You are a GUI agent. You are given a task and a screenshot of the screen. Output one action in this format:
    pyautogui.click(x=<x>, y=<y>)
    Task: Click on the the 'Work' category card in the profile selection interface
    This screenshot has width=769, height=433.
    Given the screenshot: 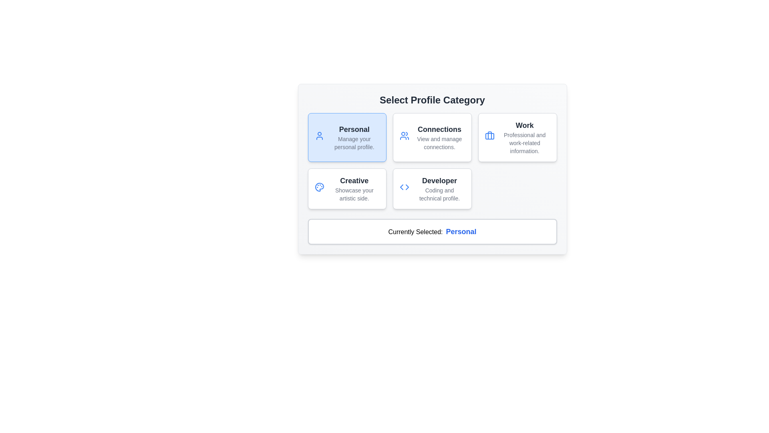 What is the action you would take?
    pyautogui.click(x=517, y=137)
    